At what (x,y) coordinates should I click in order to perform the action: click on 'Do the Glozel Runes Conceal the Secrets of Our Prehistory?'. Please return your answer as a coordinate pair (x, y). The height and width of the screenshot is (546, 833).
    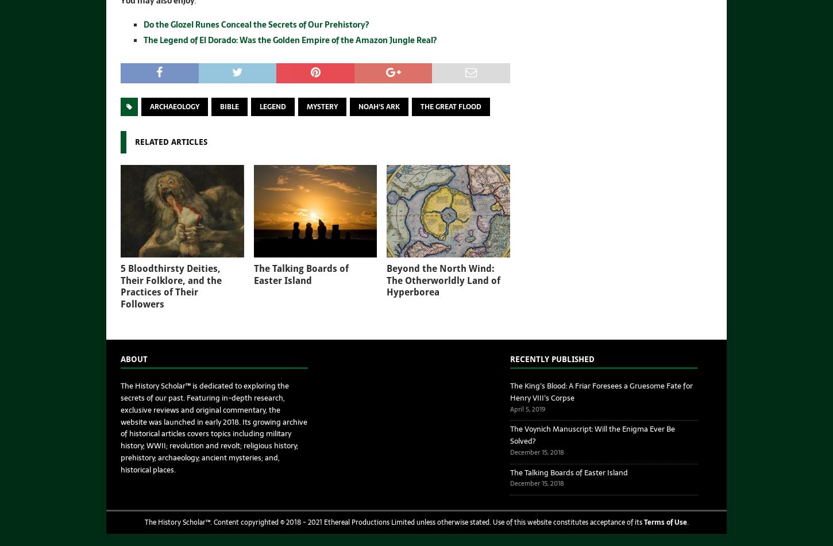
    Looking at the image, I should click on (256, 24).